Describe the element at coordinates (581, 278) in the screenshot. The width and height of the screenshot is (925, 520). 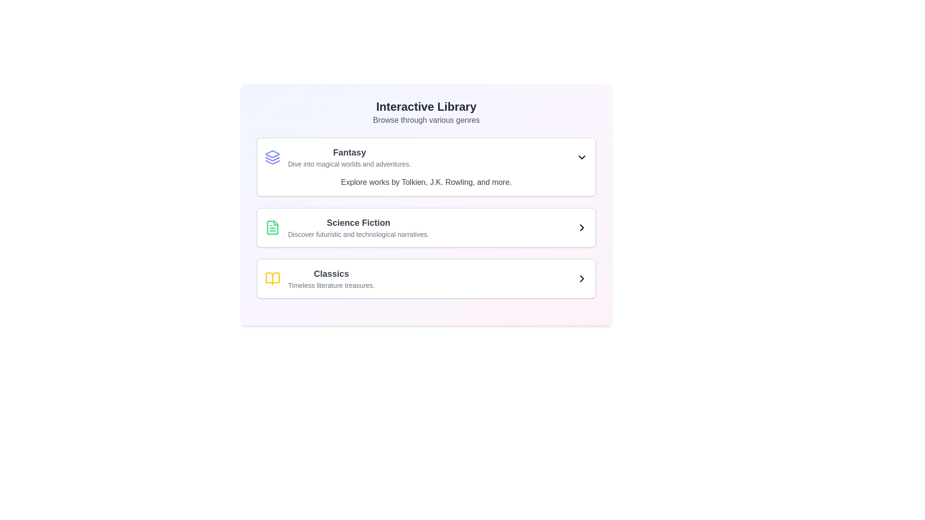
I see `the right-pointing chevron icon located in the top-right corner of the 'Classics' row within the 'Interactive Library' interface` at that location.